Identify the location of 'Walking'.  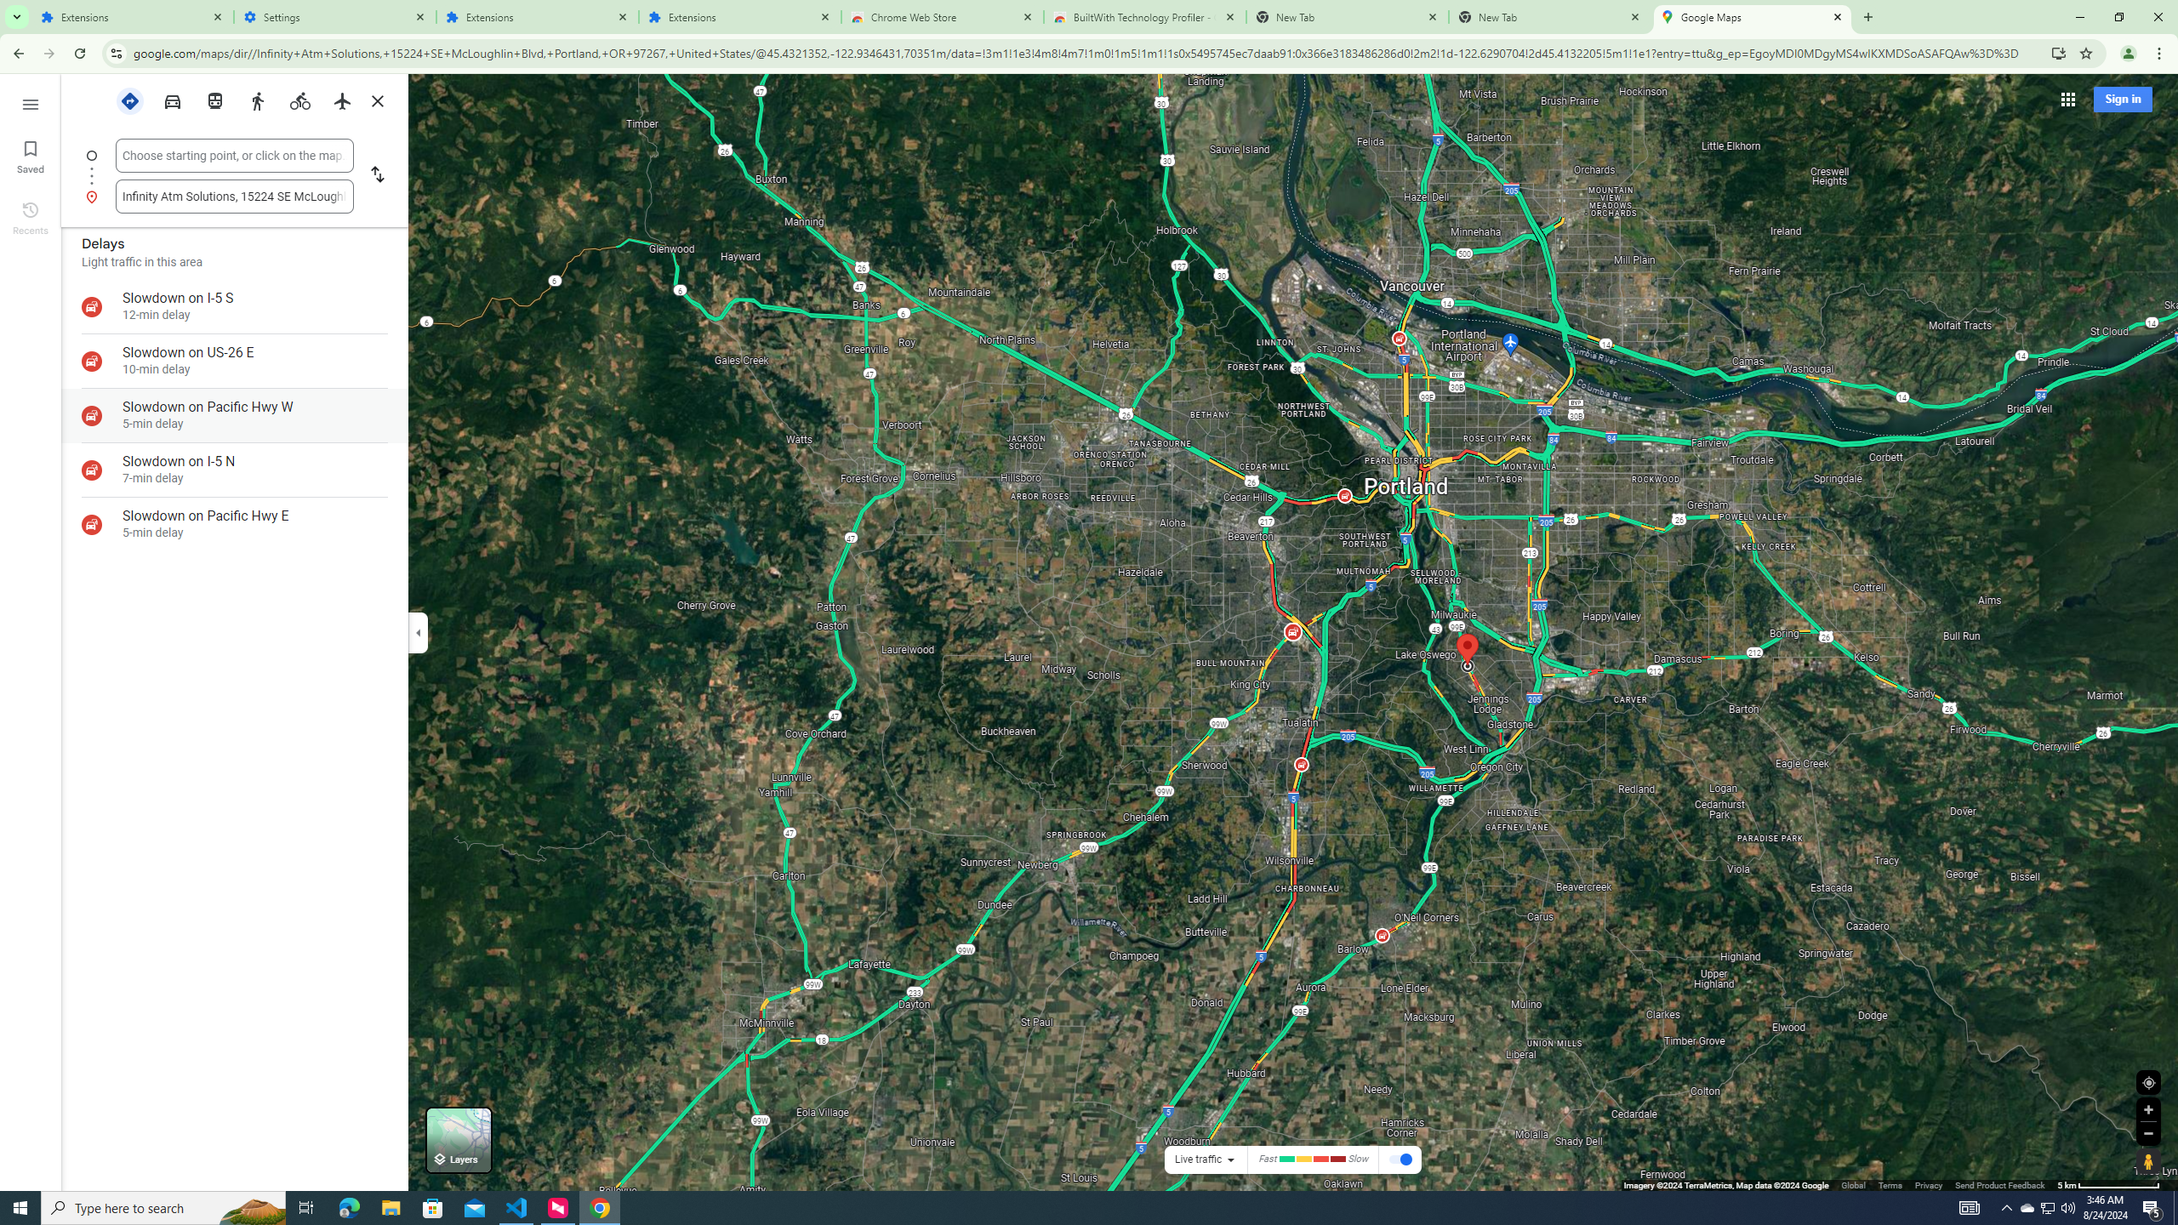
(257, 100).